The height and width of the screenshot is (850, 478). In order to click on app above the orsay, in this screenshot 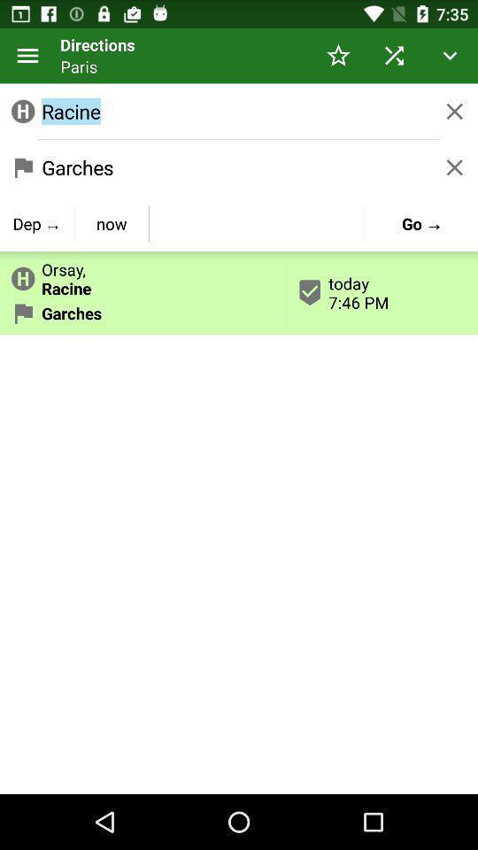, I will do `click(37, 222)`.